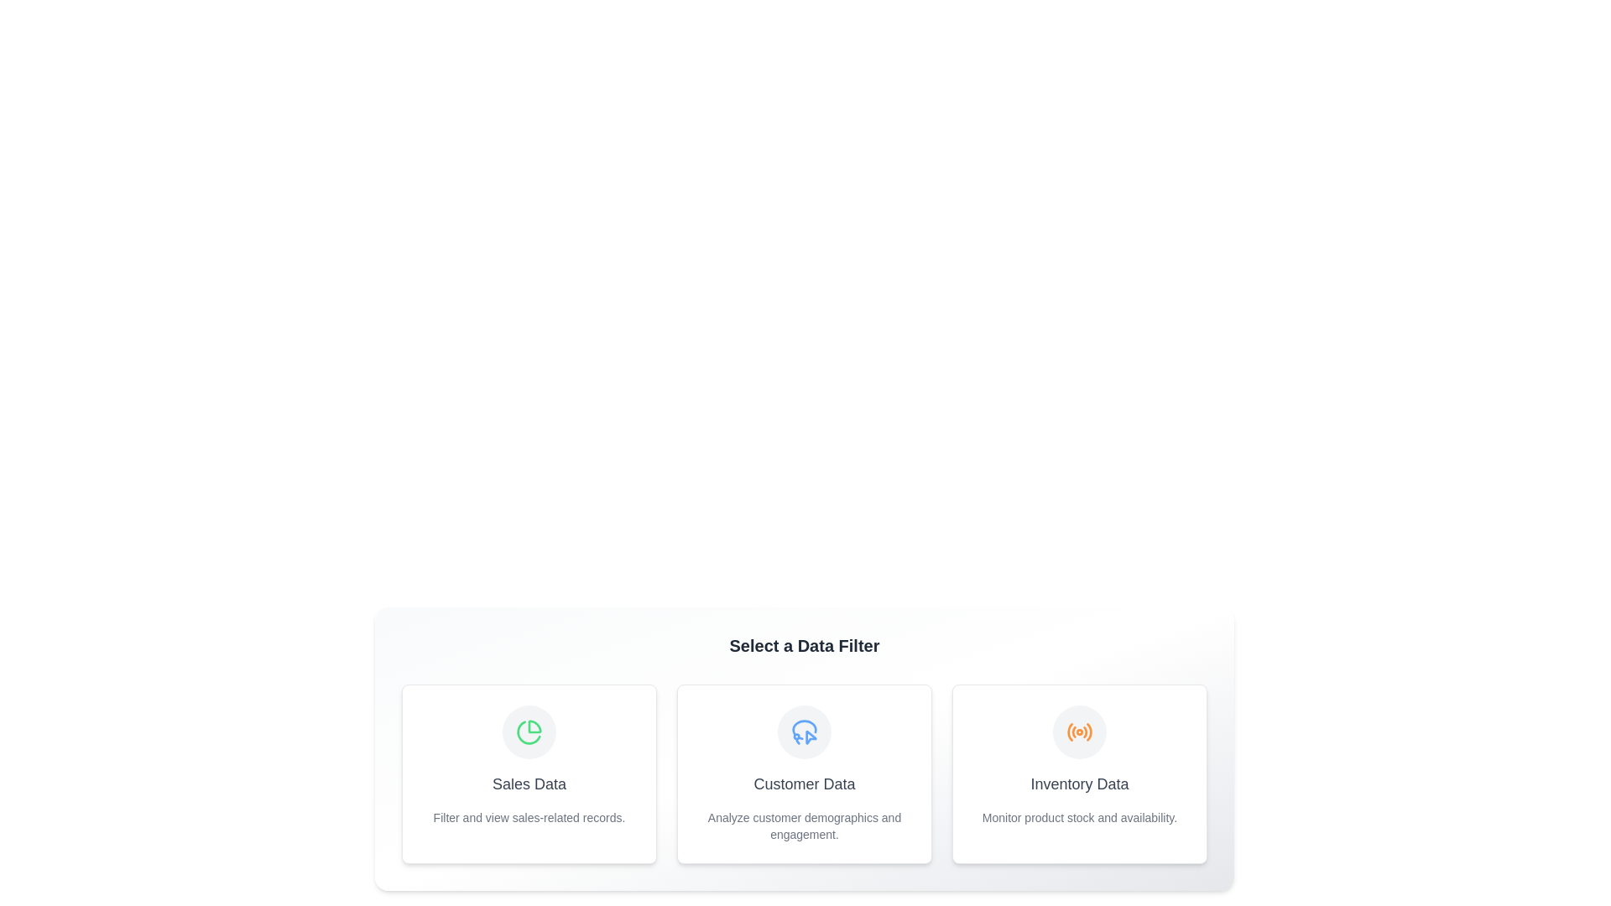 This screenshot has height=906, width=1611. I want to click on the circular icon featuring a section of a pie chart in green located within the 'Sales Data' card, so click(528, 732).